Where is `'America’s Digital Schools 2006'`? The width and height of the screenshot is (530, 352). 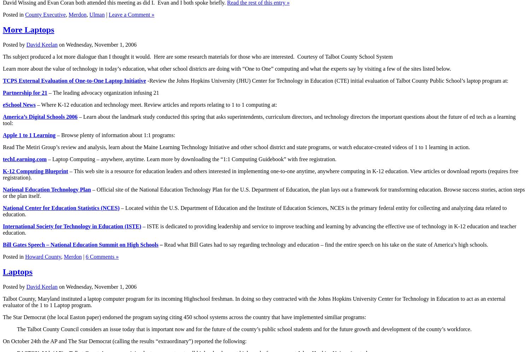 'America’s Digital Schools 2006' is located at coordinates (2, 116).